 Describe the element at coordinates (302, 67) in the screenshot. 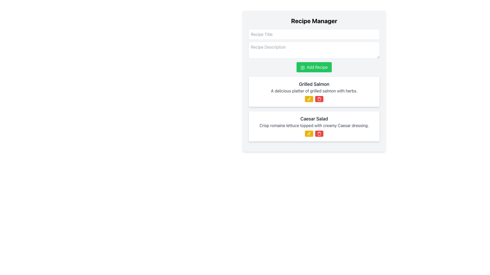

I see `the small square with a green backdrop within the 'Add Recipe' button in the Recipe Manager interface` at that location.